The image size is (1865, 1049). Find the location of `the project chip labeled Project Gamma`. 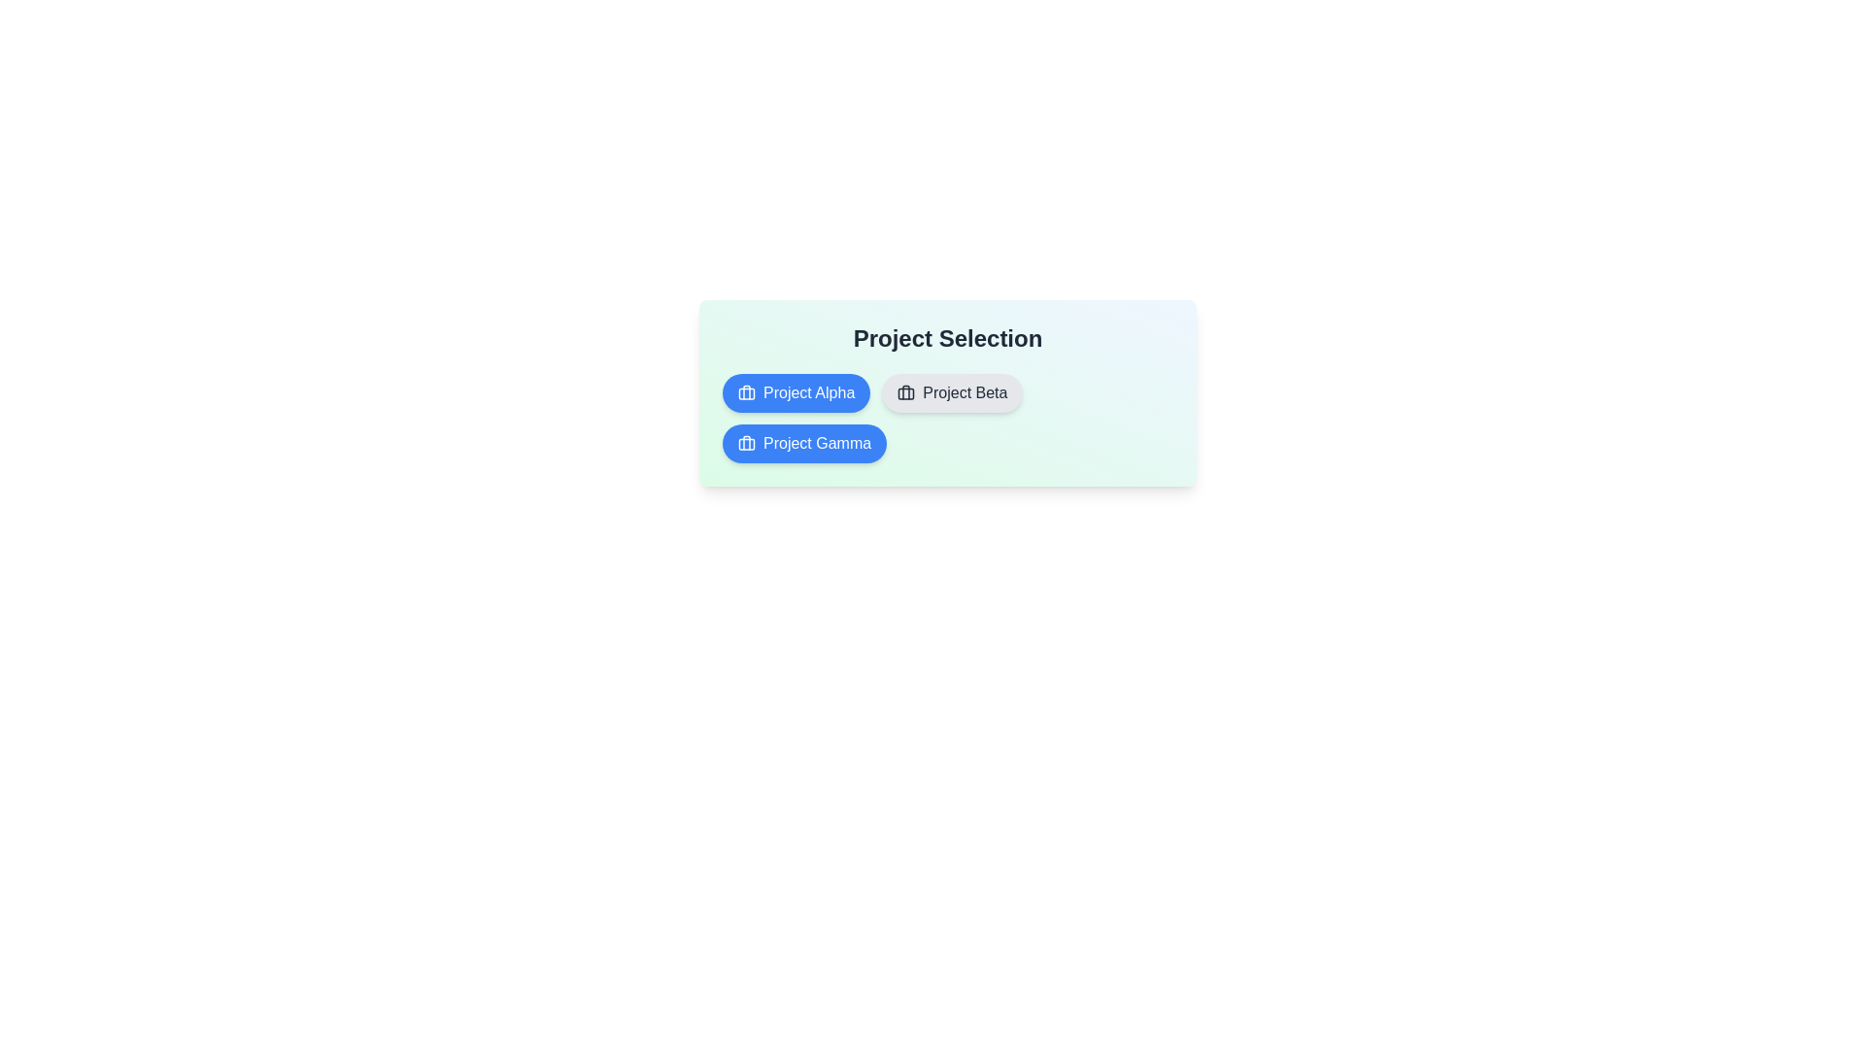

the project chip labeled Project Gamma is located at coordinates (805, 443).